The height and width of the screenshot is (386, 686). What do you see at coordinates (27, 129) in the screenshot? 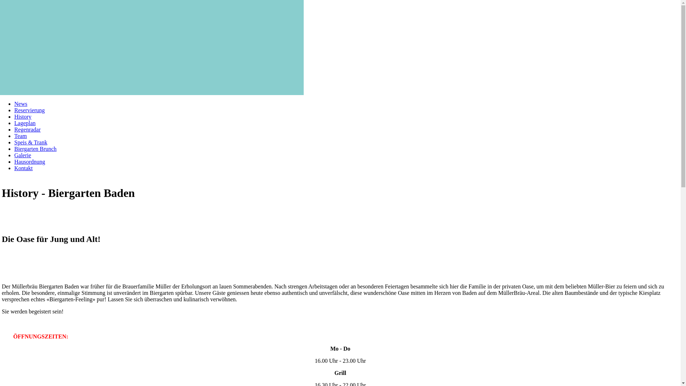
I see `'Regenradar'` at bounding box center [27, 129].